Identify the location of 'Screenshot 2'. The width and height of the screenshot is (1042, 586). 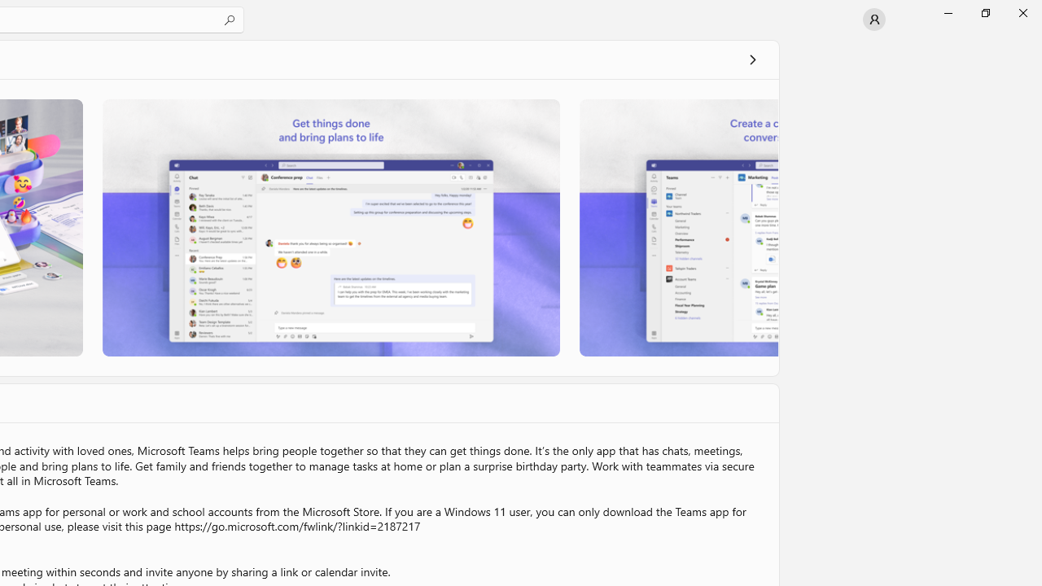
(331, 227).